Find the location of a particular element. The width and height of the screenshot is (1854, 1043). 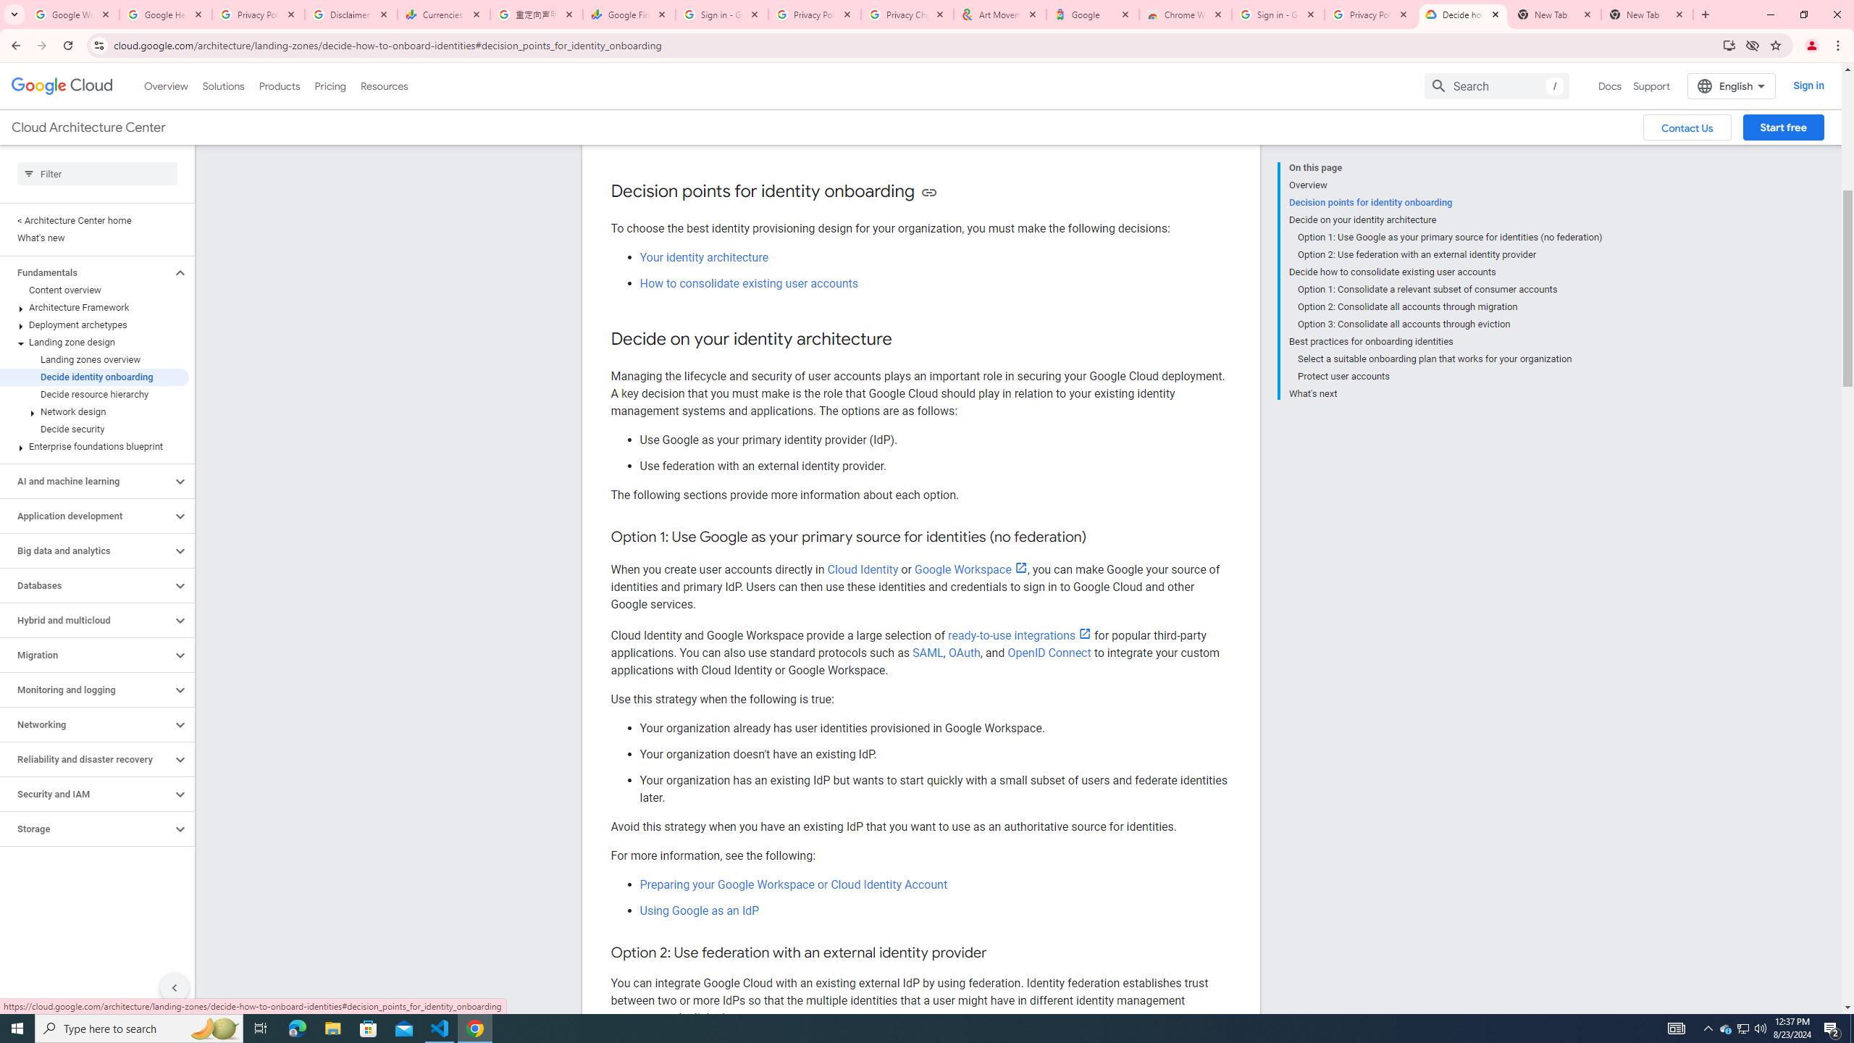

'Network design' is located at coordinates (94, 411).